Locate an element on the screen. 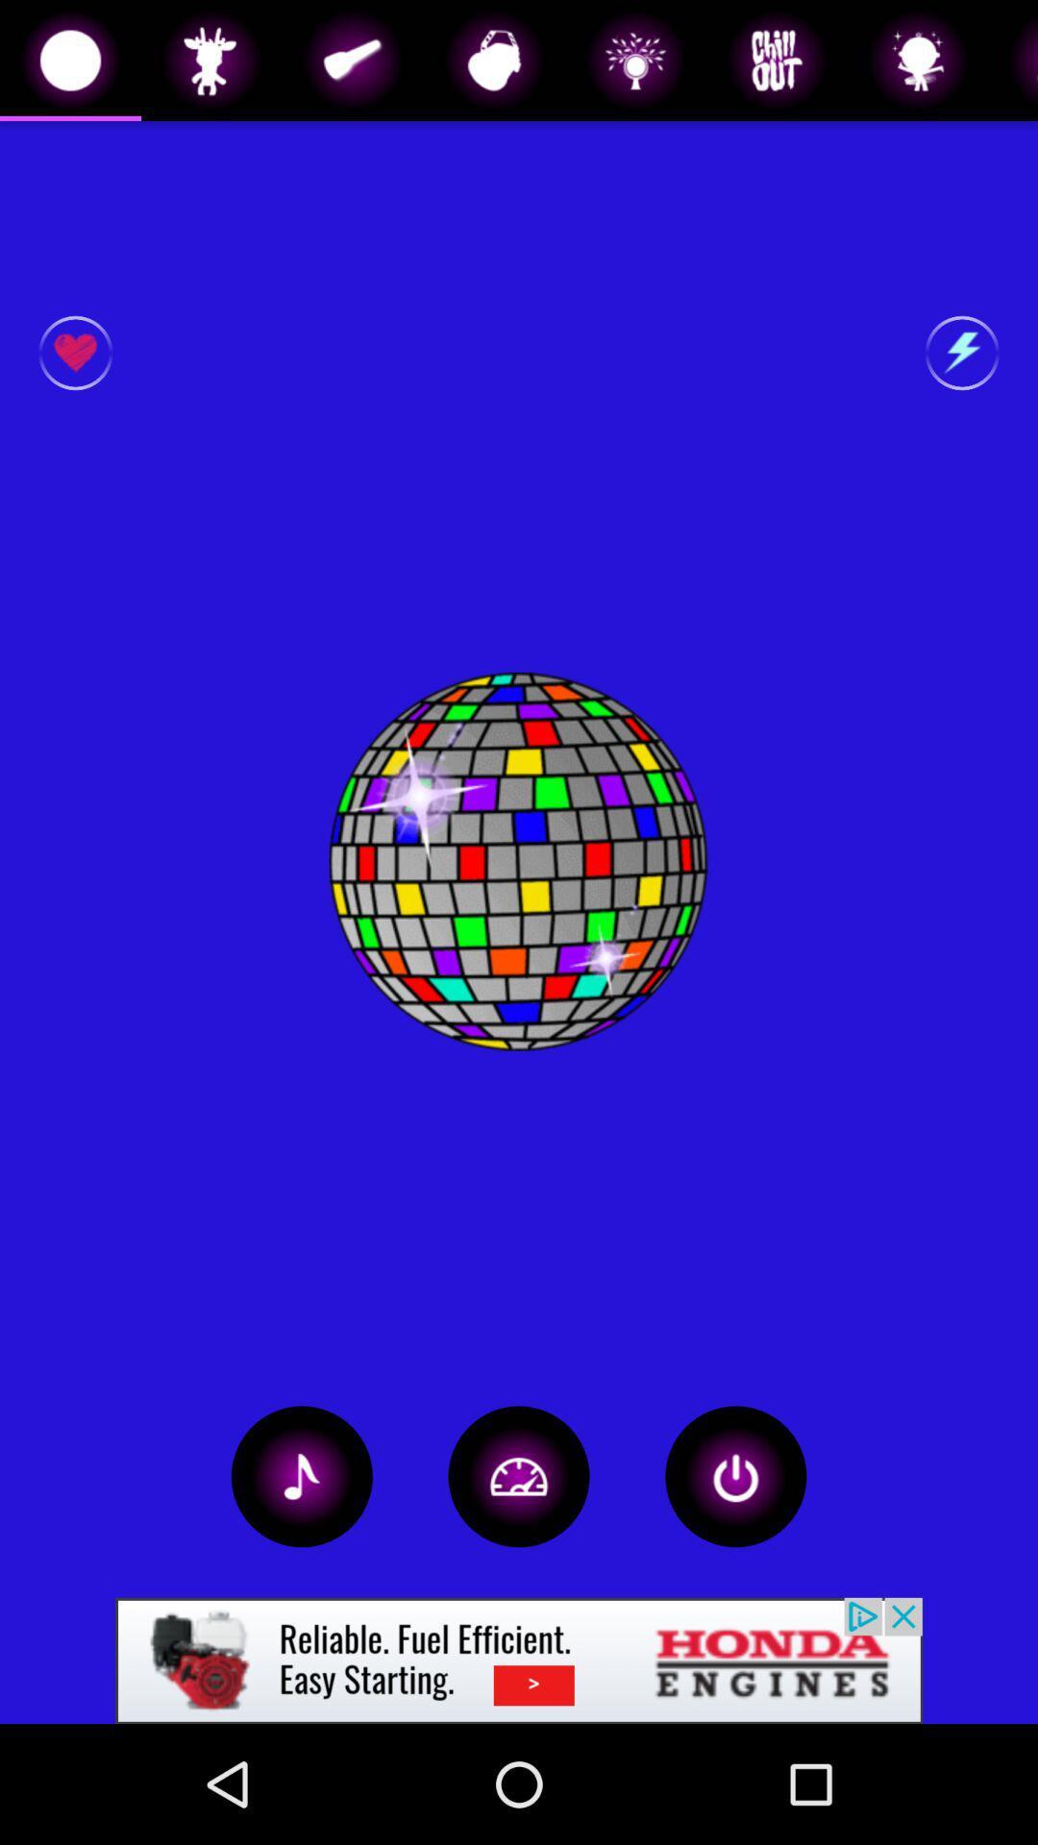 The height and width of the screenshot is (1845, 1038). turn off/on option is located at coordinates (735, 1475).